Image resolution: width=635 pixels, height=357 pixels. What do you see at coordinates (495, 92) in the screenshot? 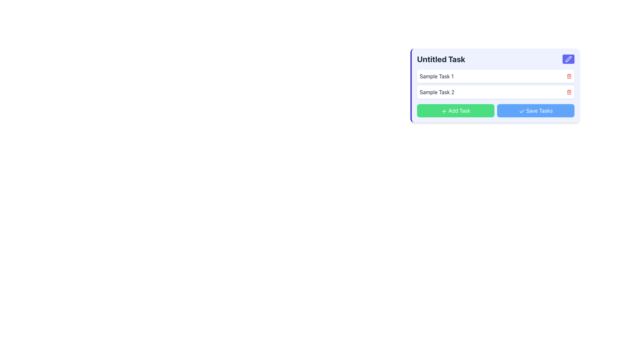
I see `the List Item displaying the task entry, located within the 'Untitled Task' section, which is the second entry in the task list` at bounding box center [495, 92].